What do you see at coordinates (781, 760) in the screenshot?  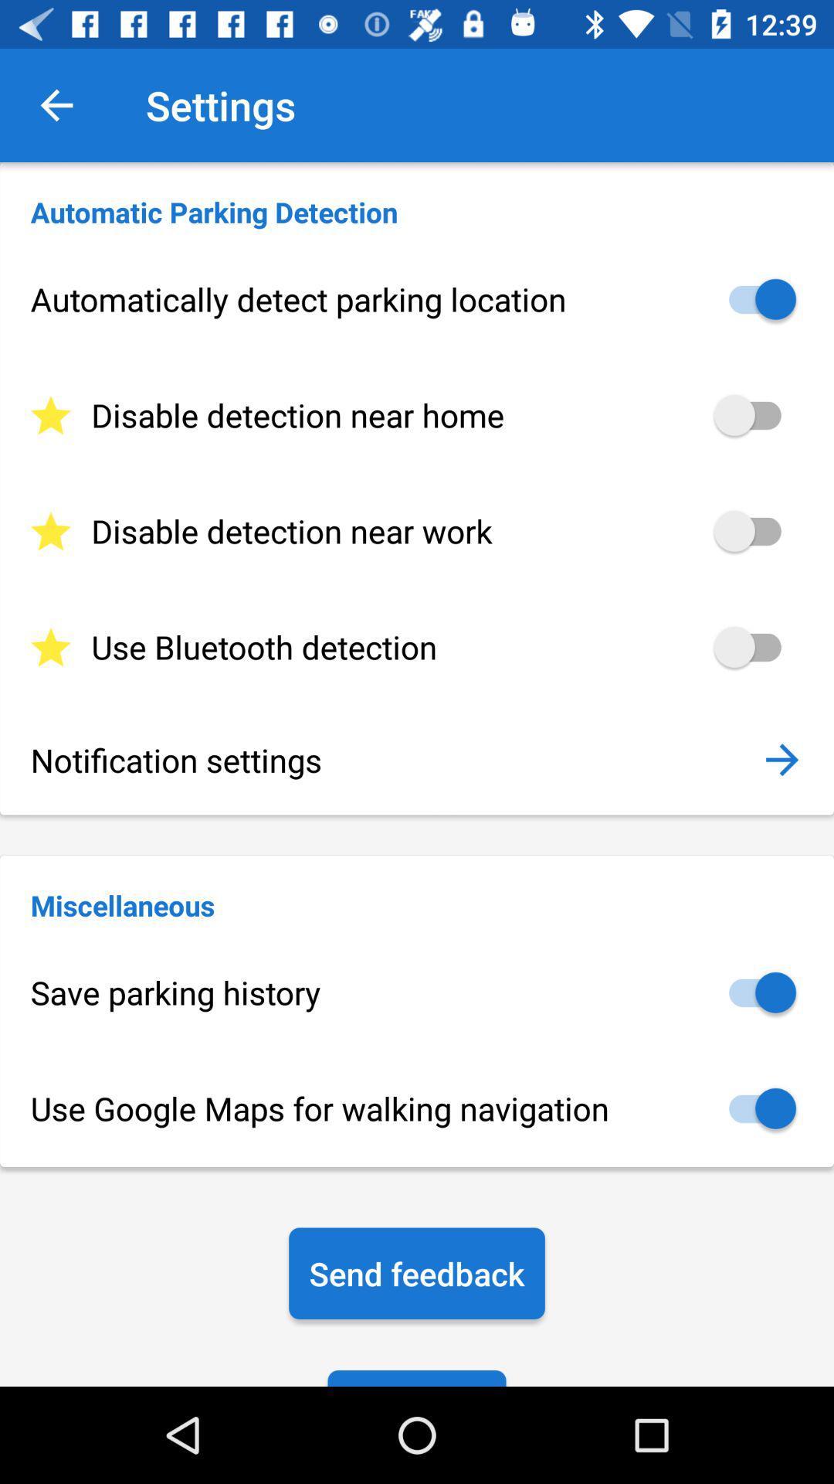 I see `the icon on the right` at bounding box center [781, 760].